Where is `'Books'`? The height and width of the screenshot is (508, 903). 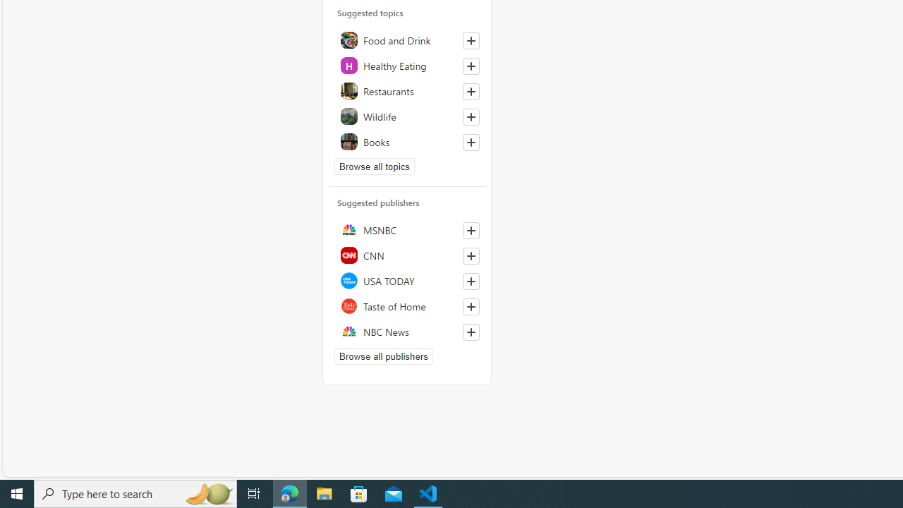
'Books' is located at coordinates (406, 142).